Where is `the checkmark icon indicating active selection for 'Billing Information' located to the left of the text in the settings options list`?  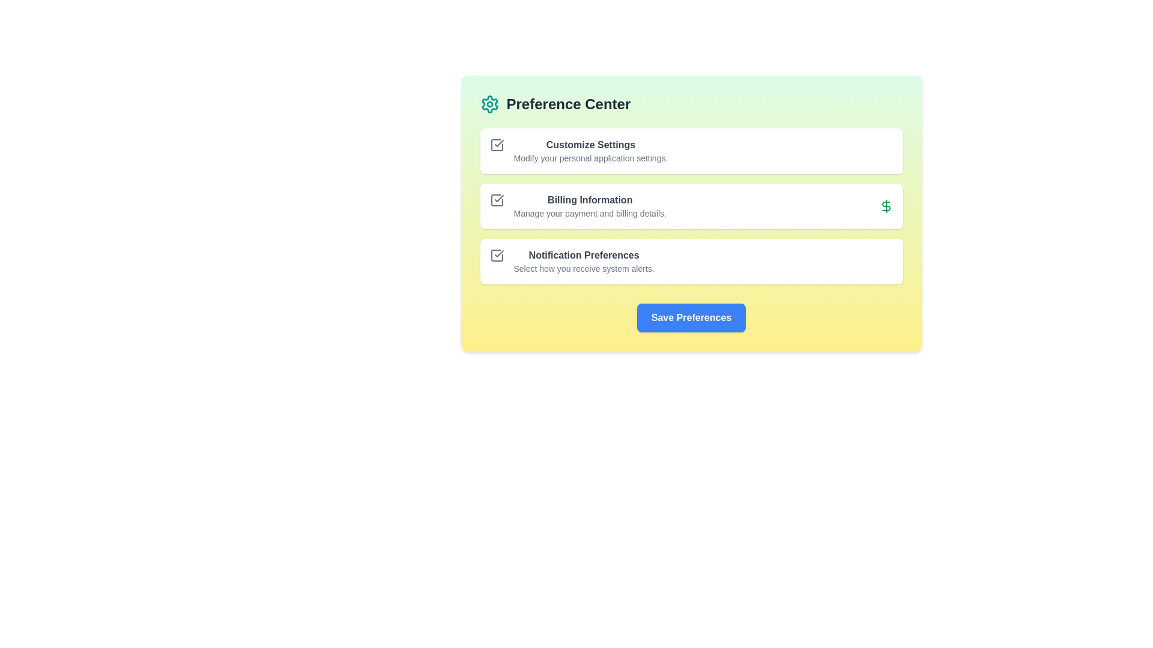
the checkmark icon indicating active selection for 'Billing Information' located to the left of the text in the settings options list is located at coordinates (498, 198).